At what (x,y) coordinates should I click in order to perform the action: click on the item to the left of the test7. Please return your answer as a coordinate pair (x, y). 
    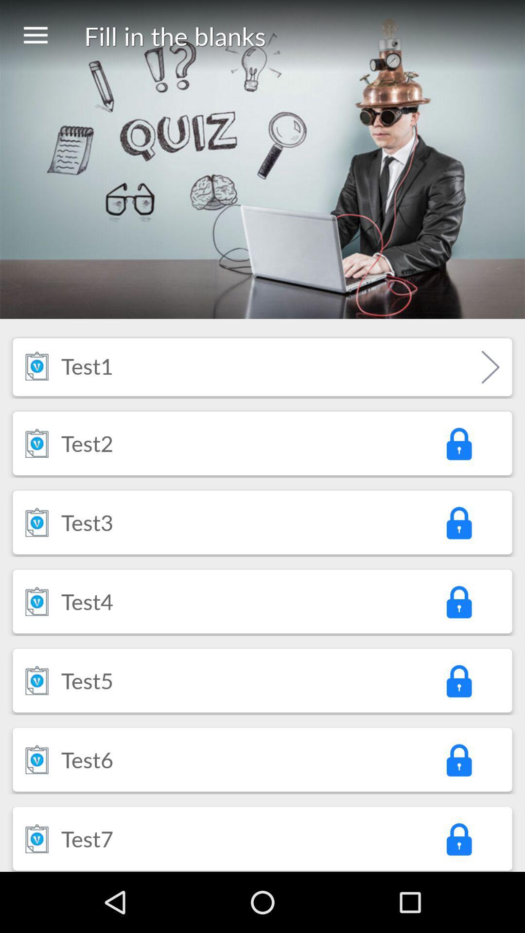
    Looking at the image, I should click on (36, 838).